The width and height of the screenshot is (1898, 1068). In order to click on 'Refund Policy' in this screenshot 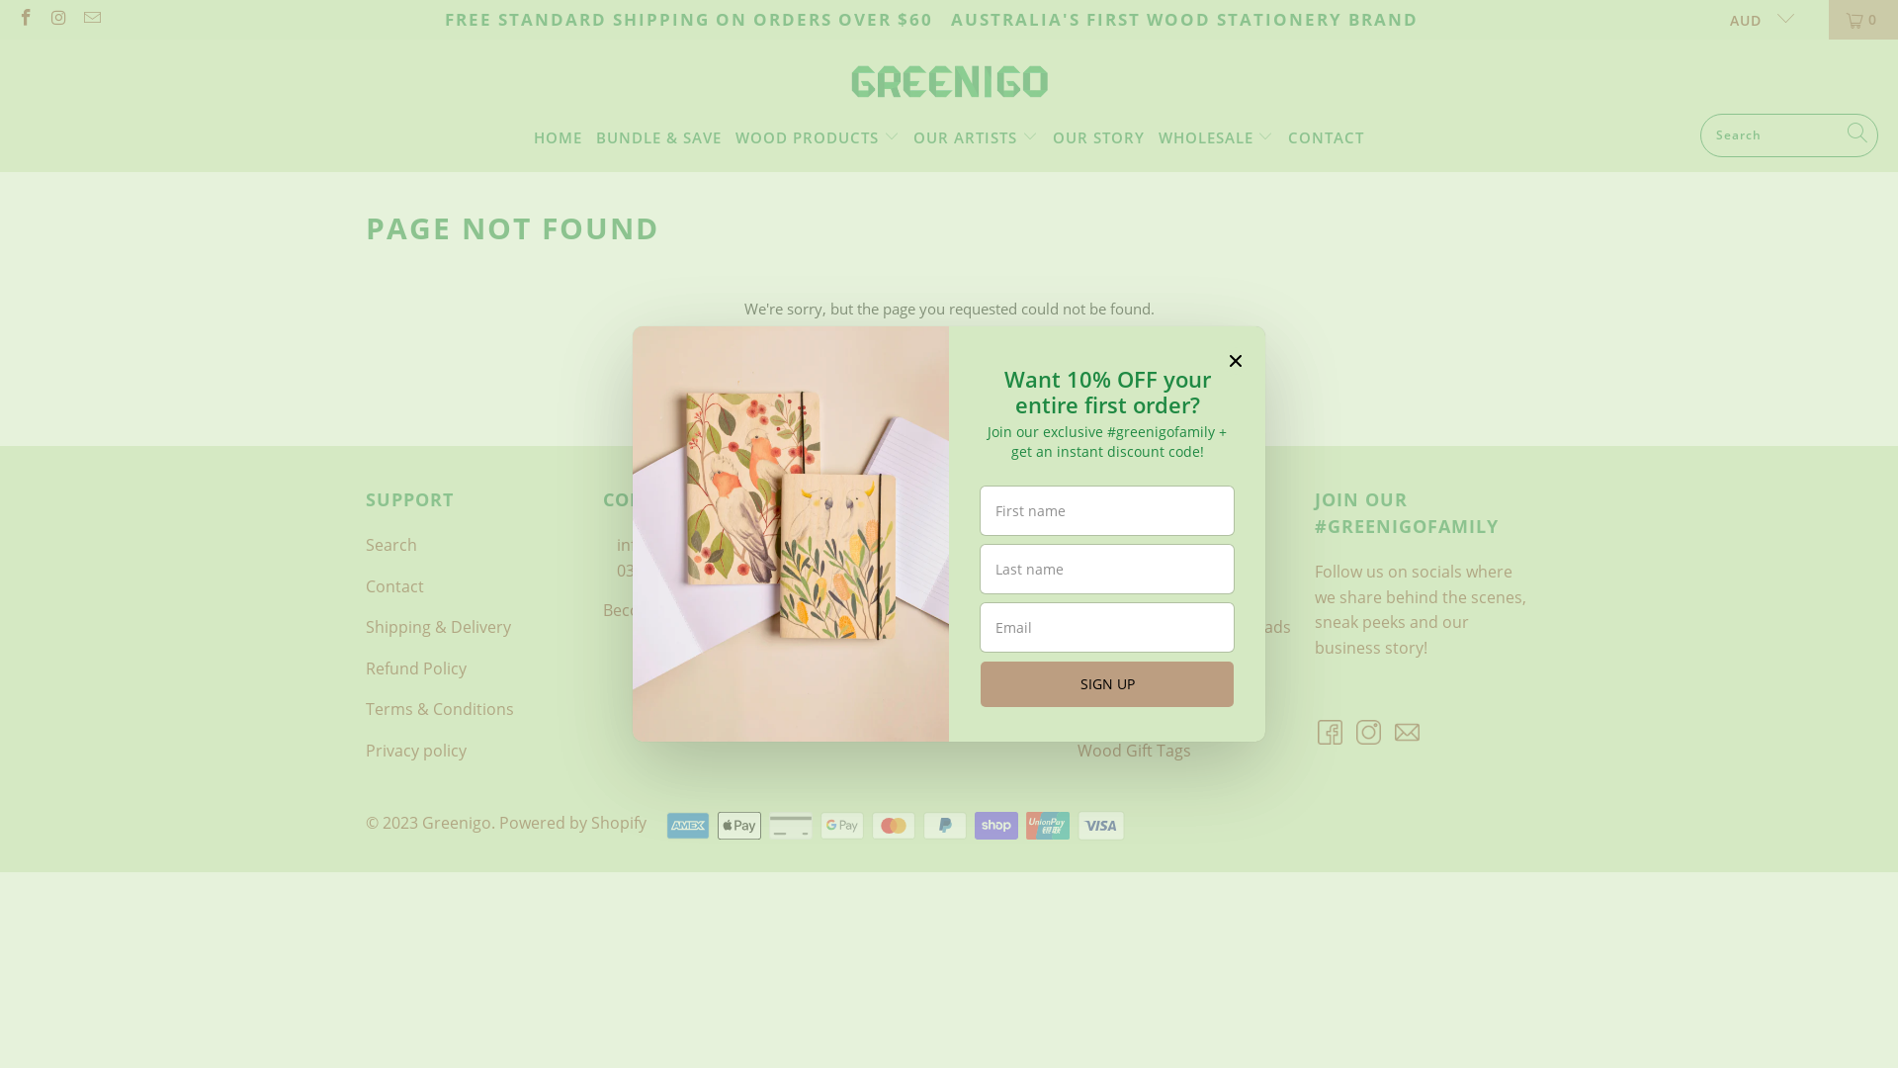, I will do `click(415, 667)`.